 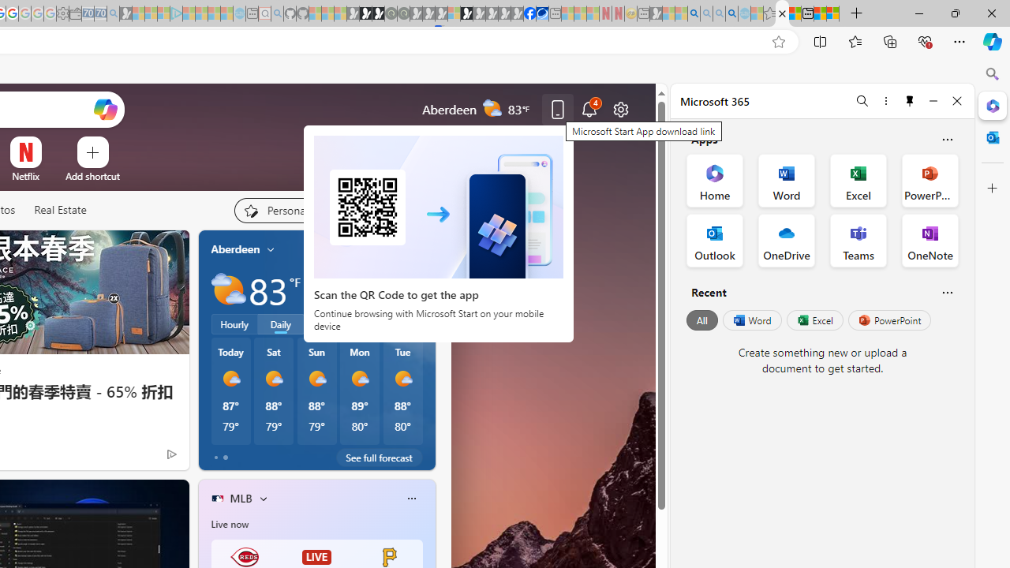 What do you see at coordinates (282, 210) in the screenshot?
I see `'Personalize your feed"'` at bounding box center [282, 210].